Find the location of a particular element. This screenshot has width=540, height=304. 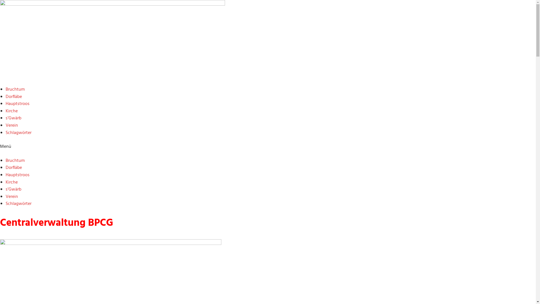

'Bruchtum' is located at coordinates (15, 89).